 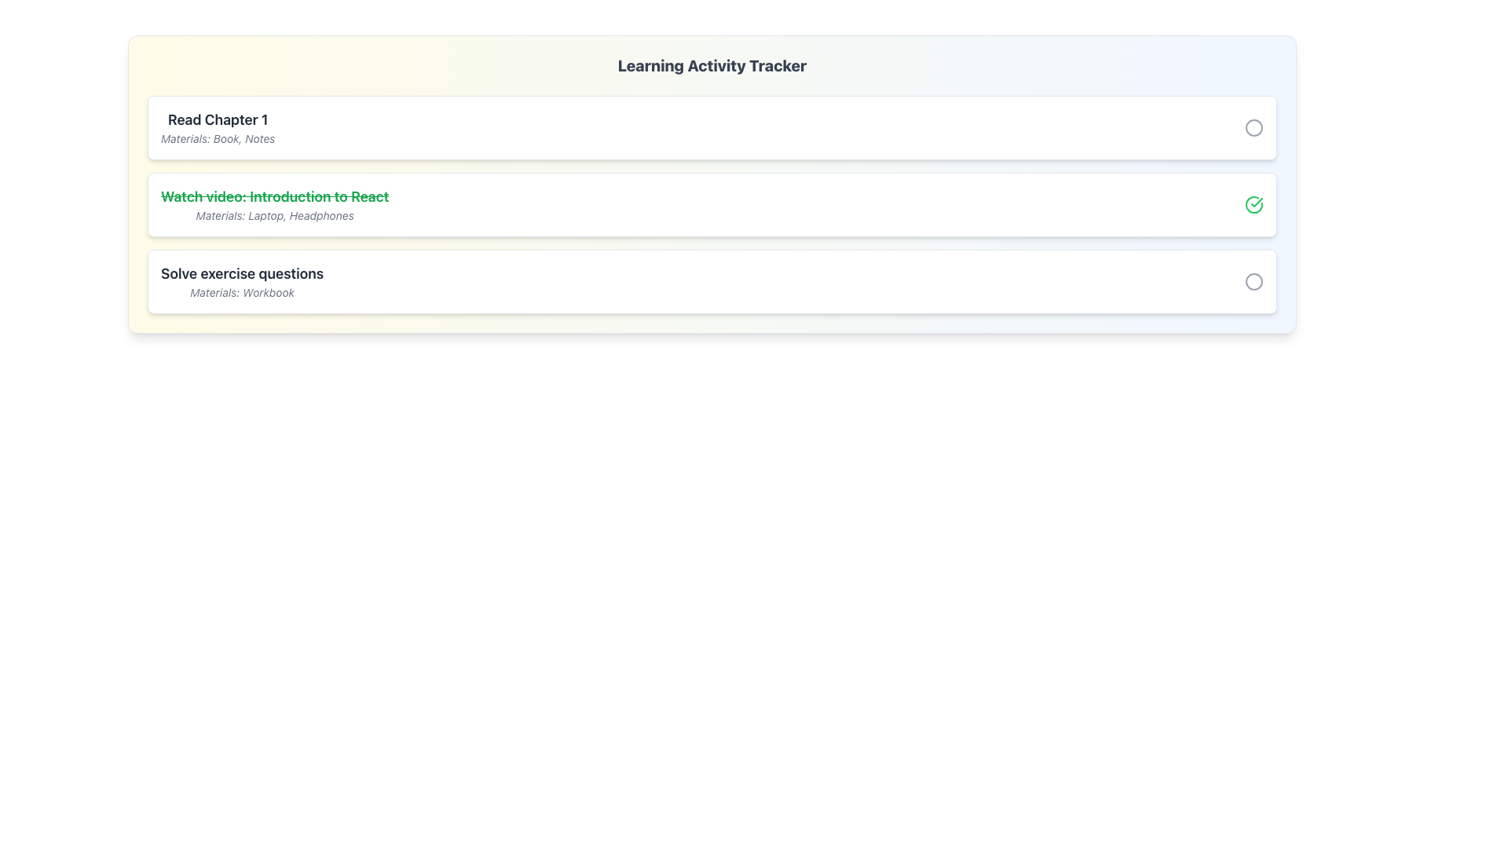 I want to click on the rightmost icon in the 'Read Chapter 1' row of the 'Learning Activity Tracker' to indicate the completion status, so click(x=1254, y=126).